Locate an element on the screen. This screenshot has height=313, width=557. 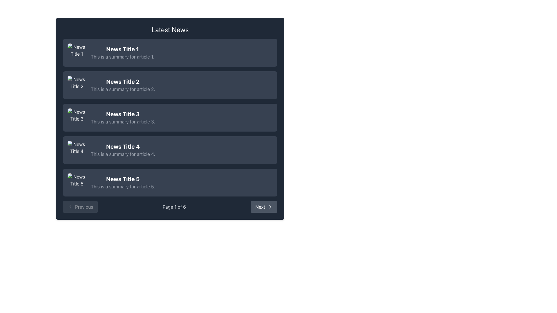
the 'Previous' button with a dark gray background and light gray text is located at coordinates (80, 206).